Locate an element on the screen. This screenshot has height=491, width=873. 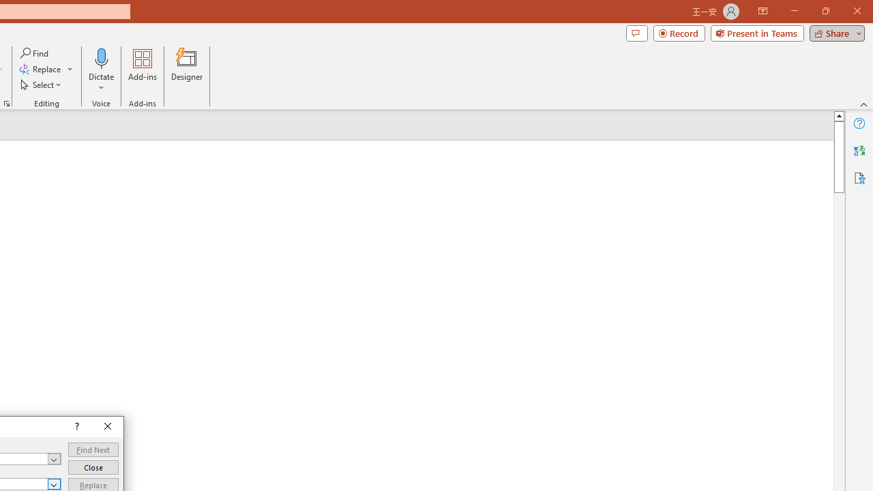
'Replace...' is located at coordinates (41, 69).